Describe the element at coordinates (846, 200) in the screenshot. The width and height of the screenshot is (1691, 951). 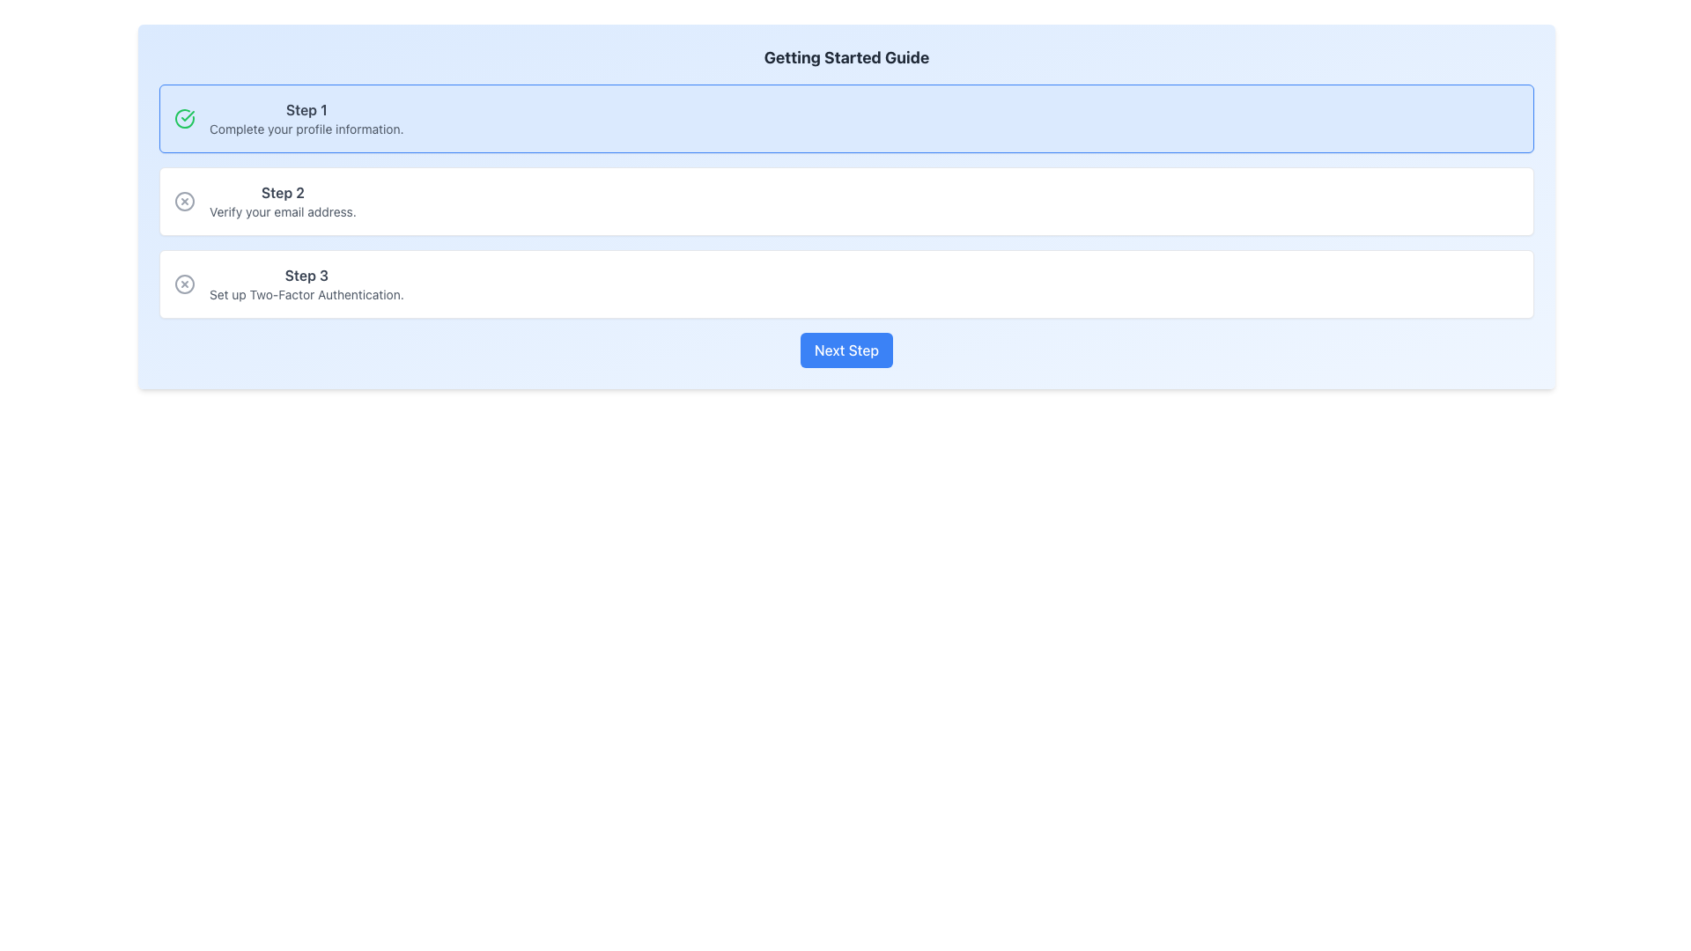
I see `the Instructional Card that indicates the second step in the progression list about verifying the user's email address for tooltips` at that location.